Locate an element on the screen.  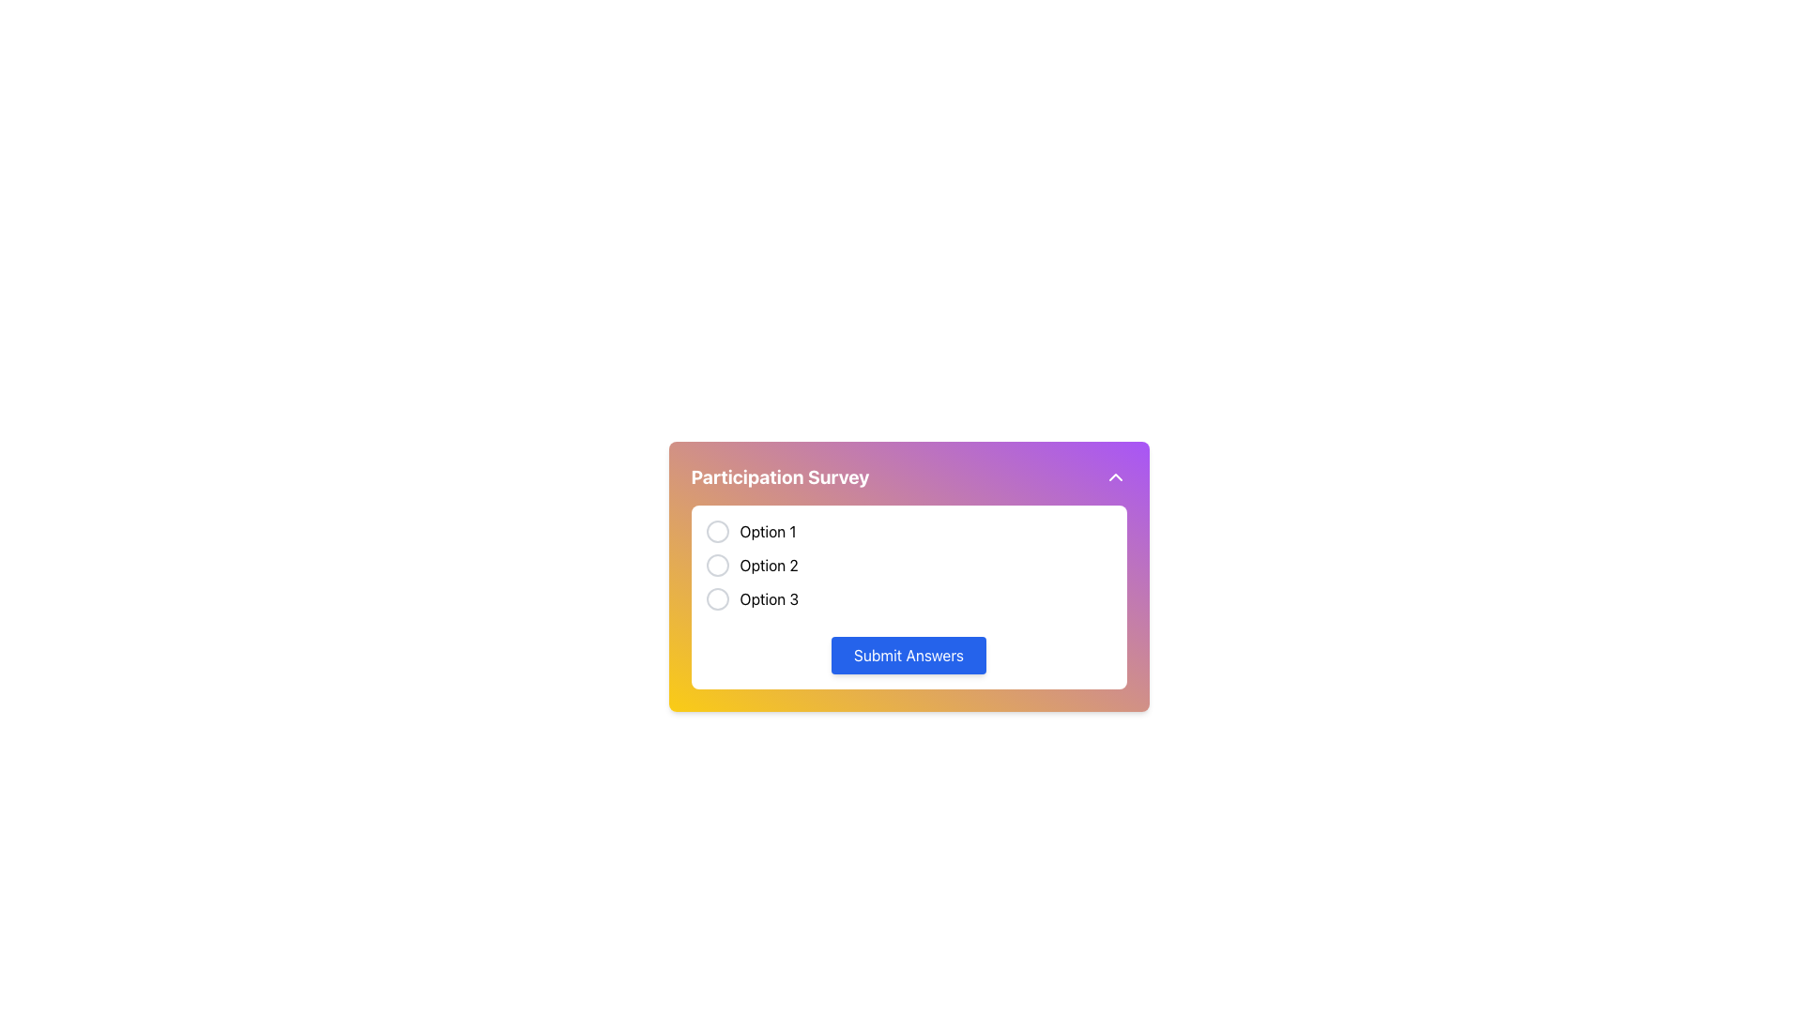
the radio button labeled 'Option 2' is located at coordinates (716, 564).